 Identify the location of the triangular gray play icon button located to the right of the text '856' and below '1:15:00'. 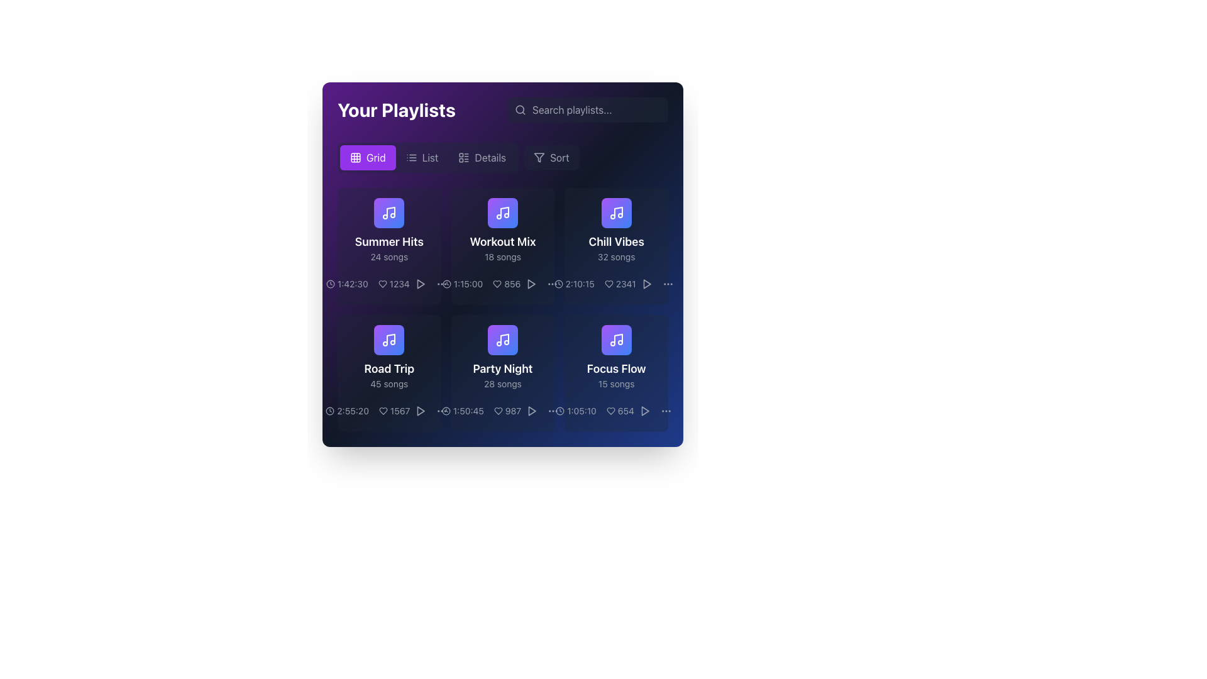
(531, 284).